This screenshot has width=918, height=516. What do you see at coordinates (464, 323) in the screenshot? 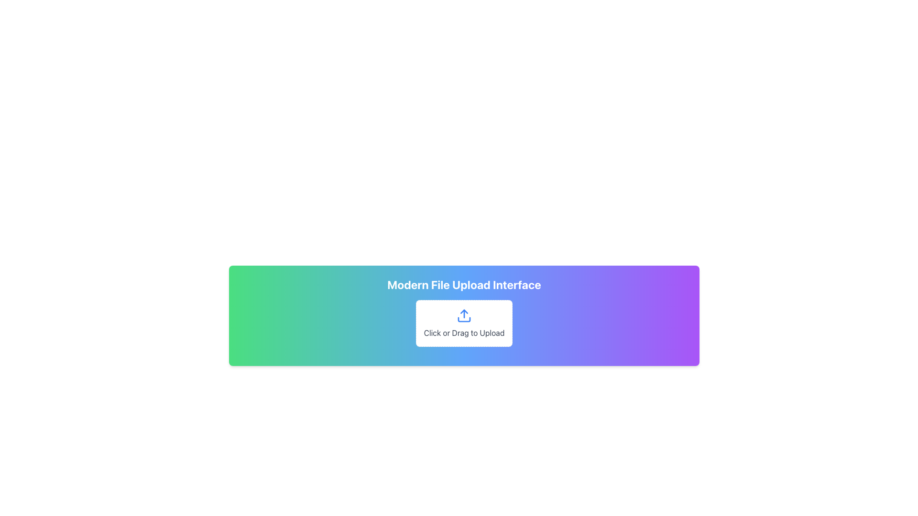
I see `the Interactive file upload box, which is a white rectangular area with rounded corners and a dashed border, featuring a blue upward arrow icon and the text 'Click or Drag to Upload' in gray` at bounding box center [464, 323].